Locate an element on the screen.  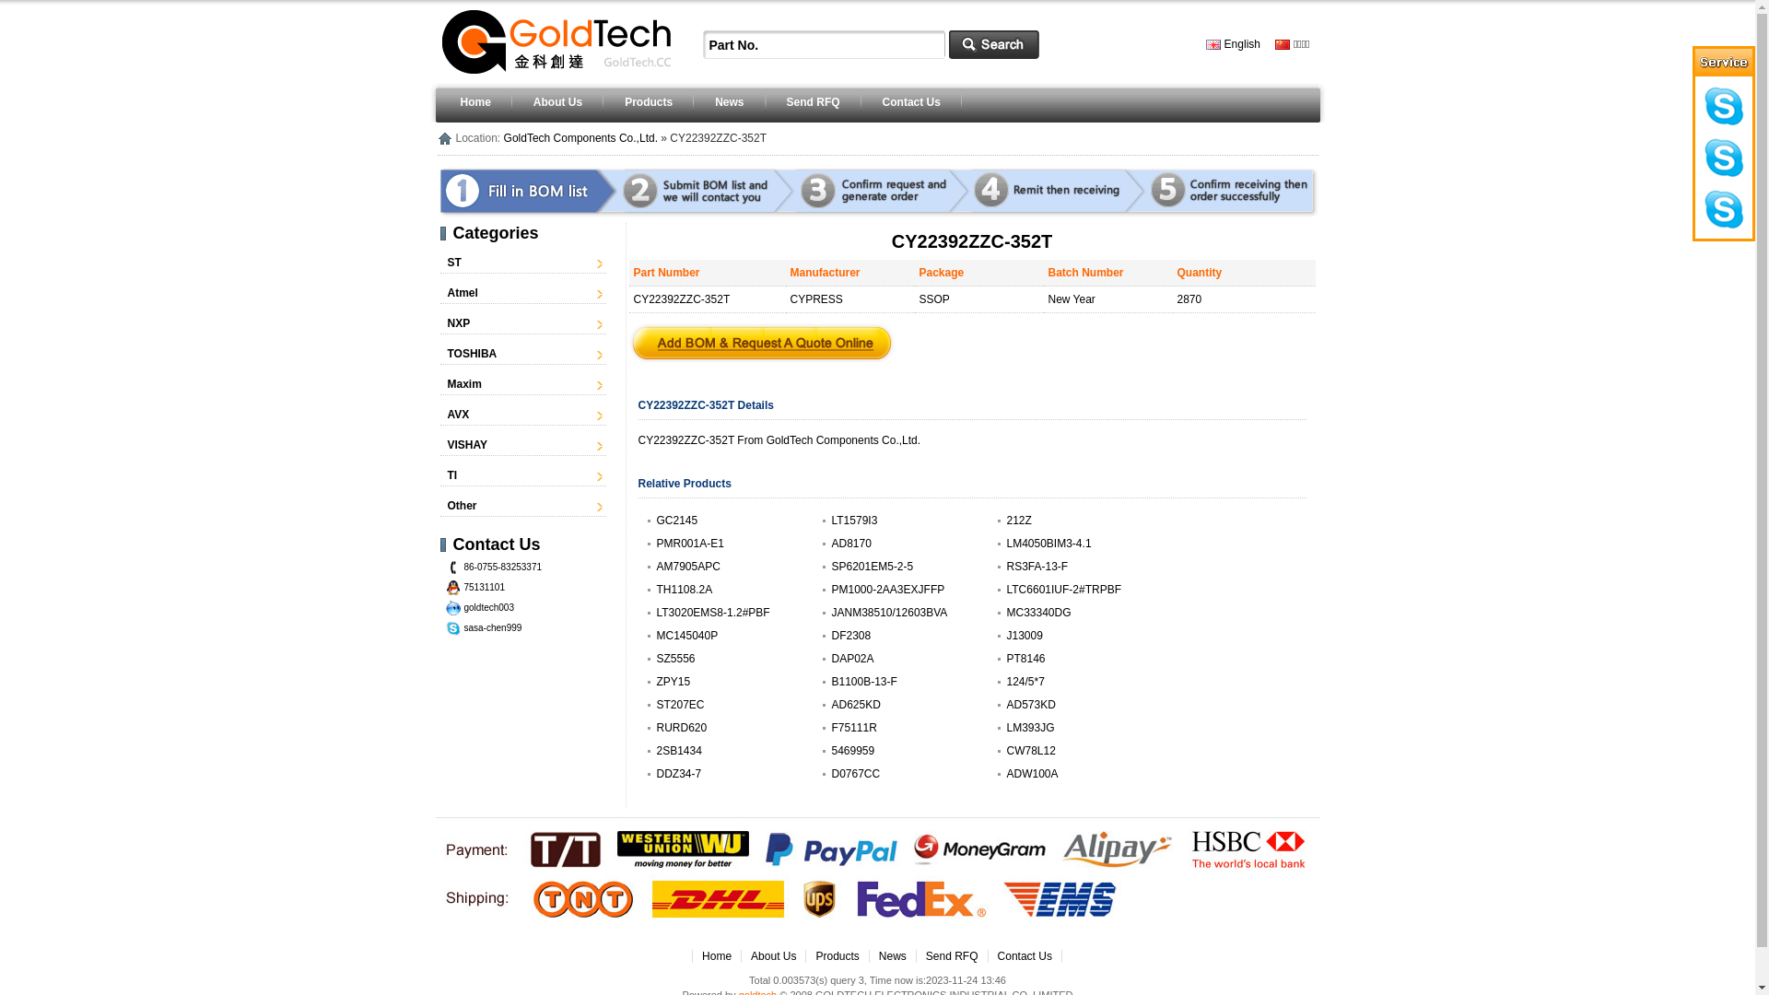
'GoldTech Components Co.,Ltd.' is located at coordinates (580, 137).